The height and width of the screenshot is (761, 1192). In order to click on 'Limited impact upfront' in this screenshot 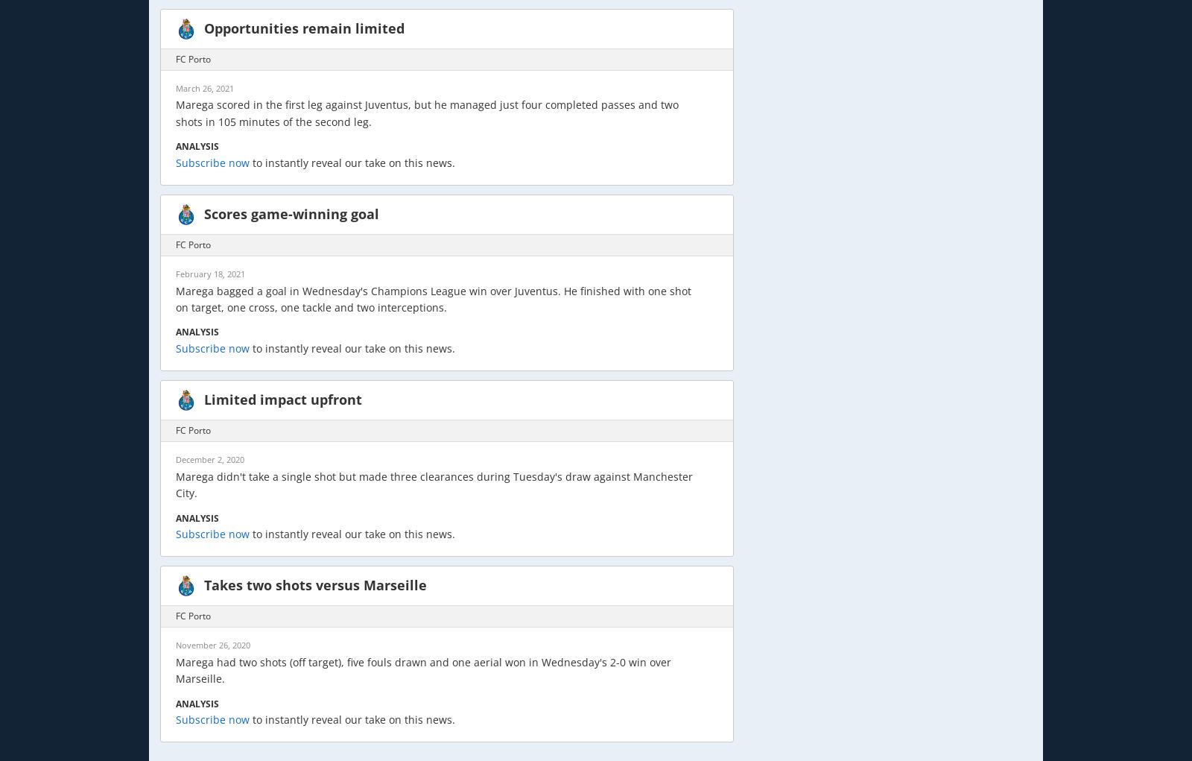, I will do `click(283, 400)`.